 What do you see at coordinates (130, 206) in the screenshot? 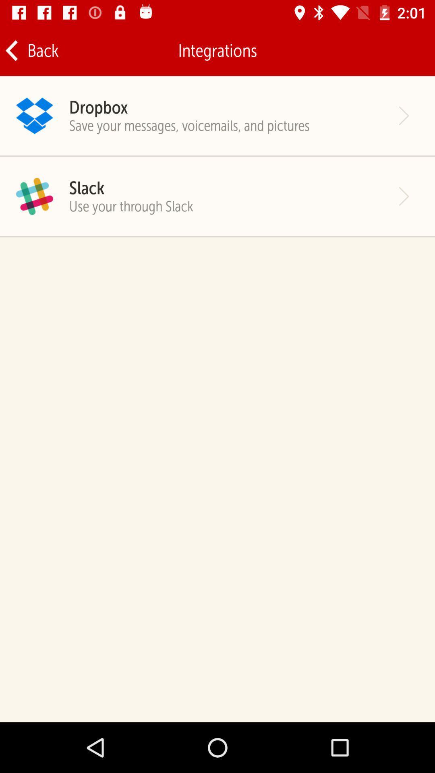
I see `use your through item` at bounding box center [130, 206].